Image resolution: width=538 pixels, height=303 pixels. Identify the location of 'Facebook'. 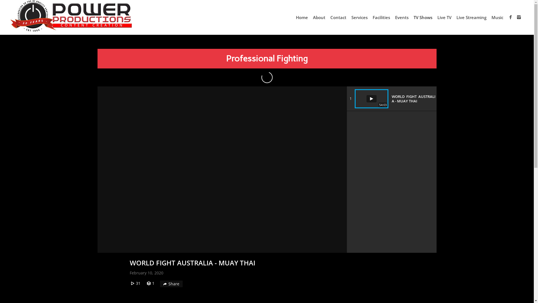
(511, 17).